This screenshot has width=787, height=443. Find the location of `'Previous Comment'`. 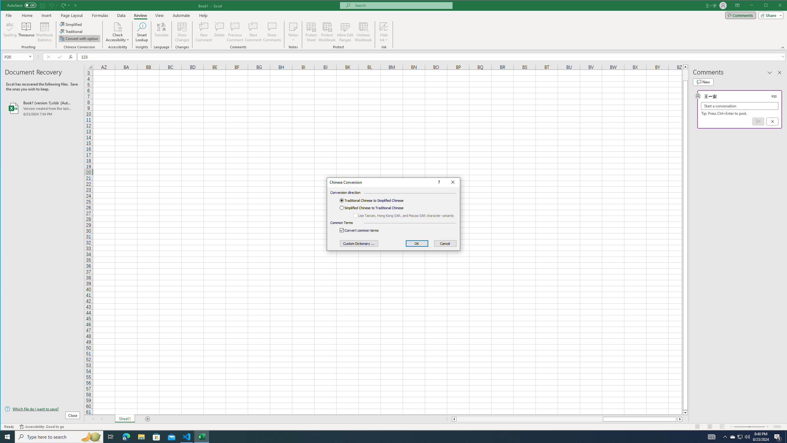

'Previous Comment' is located at coordinates (235, 32).